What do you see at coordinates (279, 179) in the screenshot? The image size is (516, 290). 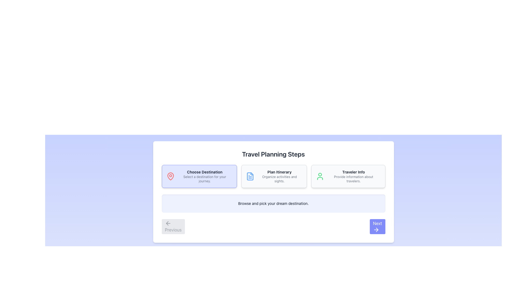 I see `text element that displays 'Organize activities and sights' located below the 'Plan Itinerary' text within the blue document icon section` at bounding box center [279, 179].